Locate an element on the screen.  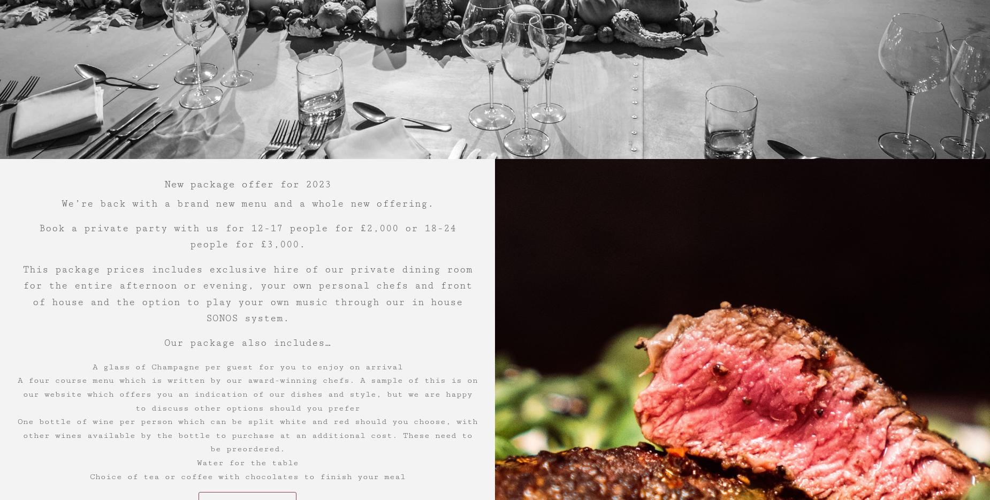
'A four course menu which is written by our award-winning chefs. A sample of this is on our website which offers you an indication of our dishes and style, but we are happy to discuss other options should you prefer' is located at coordinates (246, 393).